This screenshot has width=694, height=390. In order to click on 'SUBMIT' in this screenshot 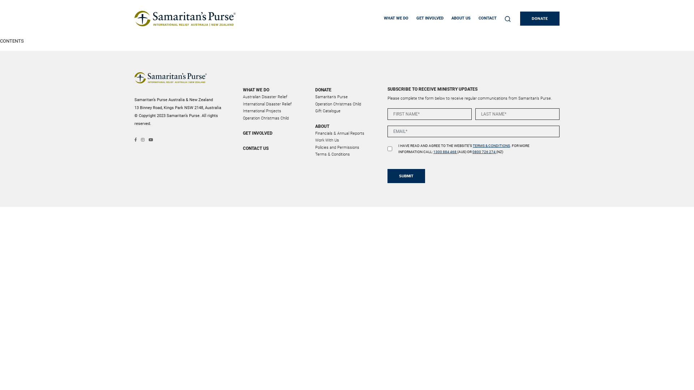, I will do `click(406, 176)`.